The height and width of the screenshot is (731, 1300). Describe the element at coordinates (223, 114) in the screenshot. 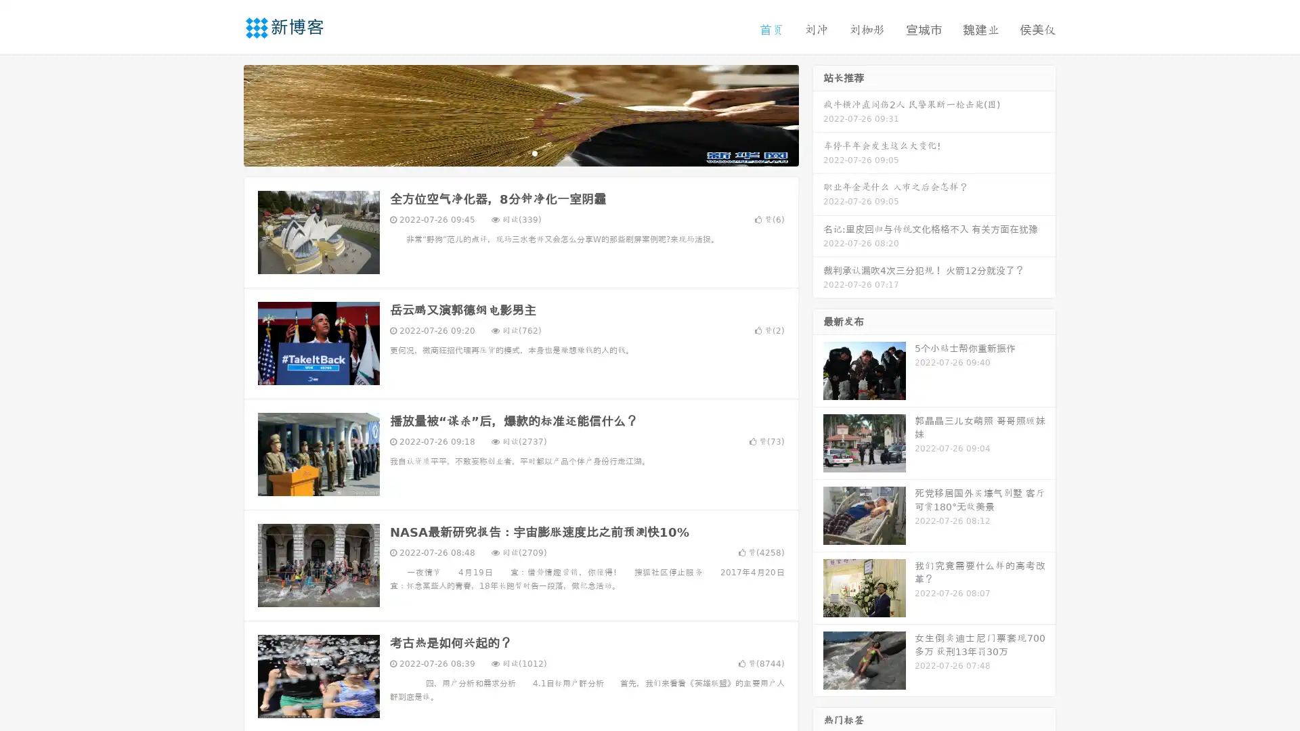

I see `Previous slide` at that location.